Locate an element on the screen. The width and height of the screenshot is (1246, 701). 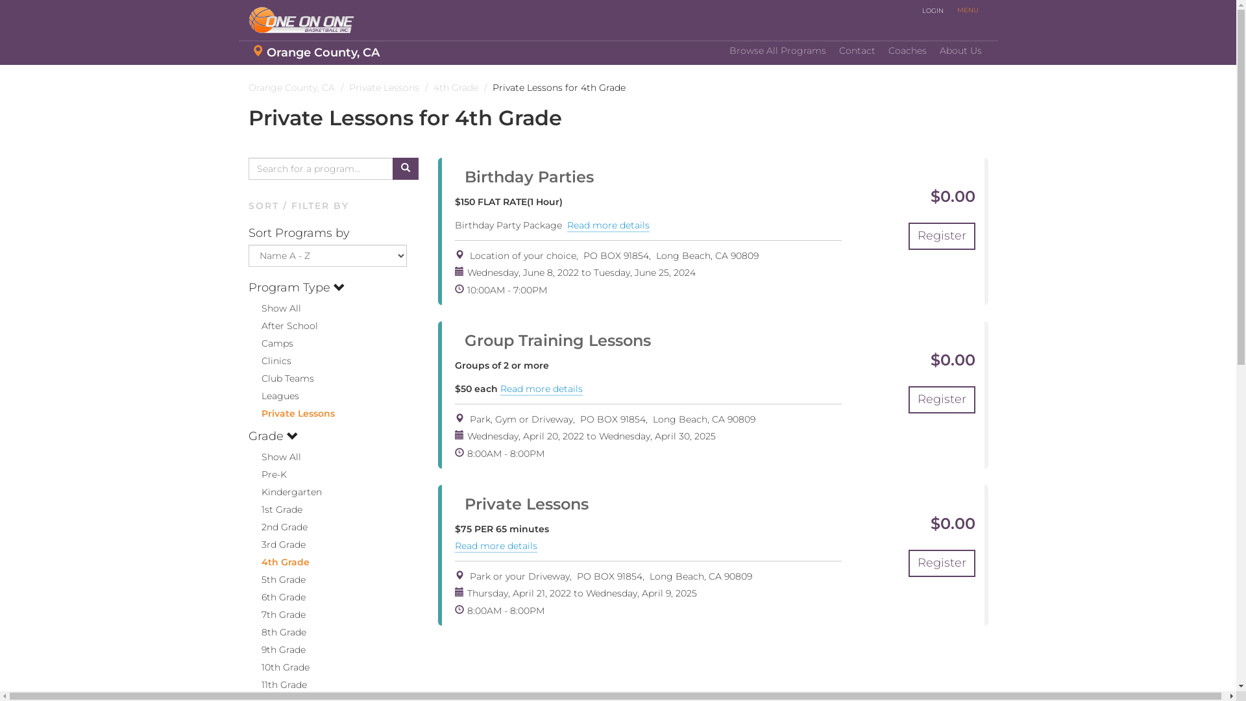
'4th Grade' is located at coordinates (277, 561).